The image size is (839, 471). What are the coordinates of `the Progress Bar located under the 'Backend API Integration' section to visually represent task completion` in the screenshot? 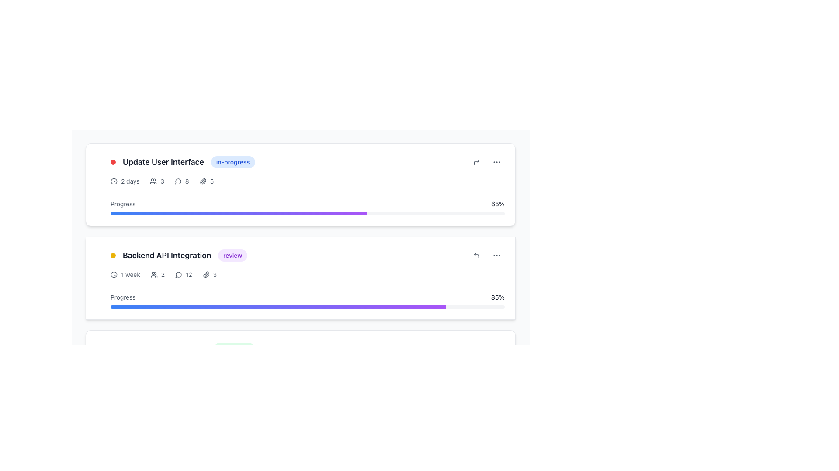 It's located at (239, 213).